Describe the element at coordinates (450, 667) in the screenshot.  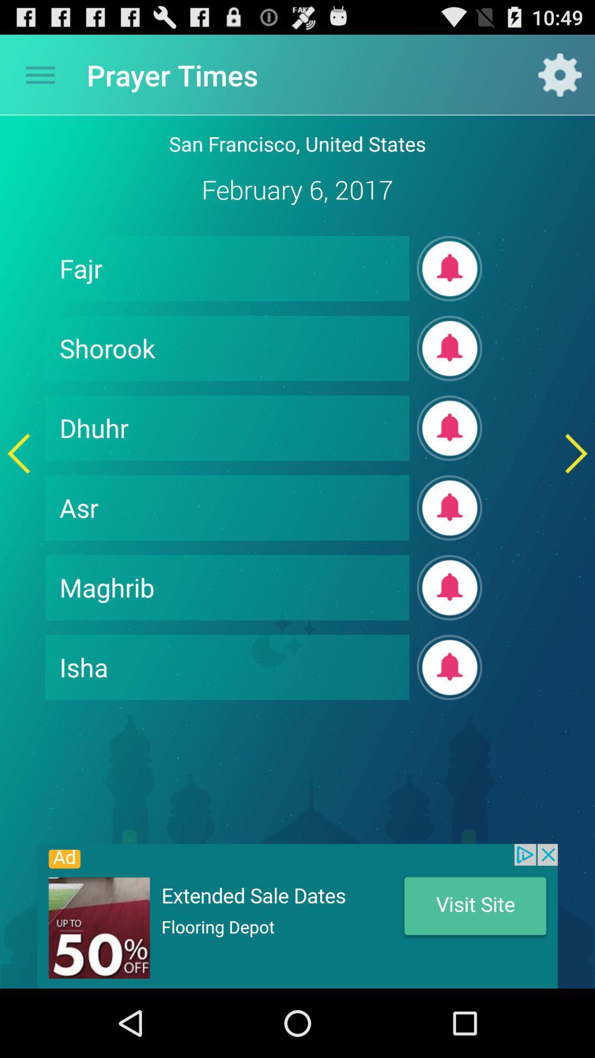
I see `set alarm for isha` at that location.